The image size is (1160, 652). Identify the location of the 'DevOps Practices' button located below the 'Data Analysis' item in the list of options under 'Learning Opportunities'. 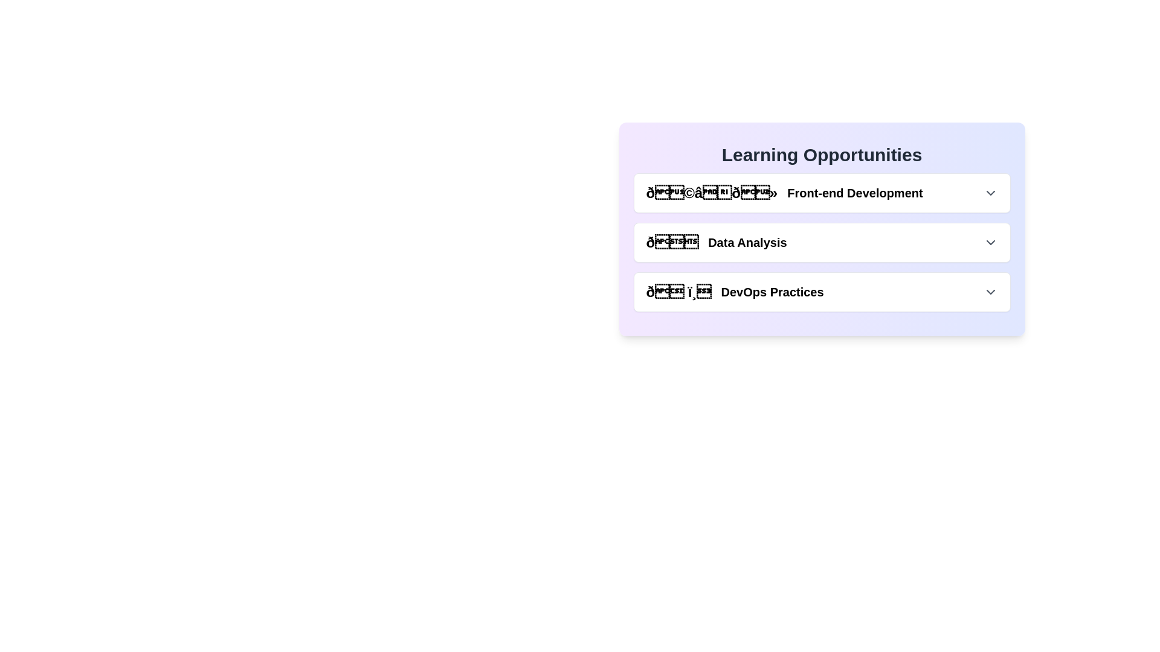
(822, 292).